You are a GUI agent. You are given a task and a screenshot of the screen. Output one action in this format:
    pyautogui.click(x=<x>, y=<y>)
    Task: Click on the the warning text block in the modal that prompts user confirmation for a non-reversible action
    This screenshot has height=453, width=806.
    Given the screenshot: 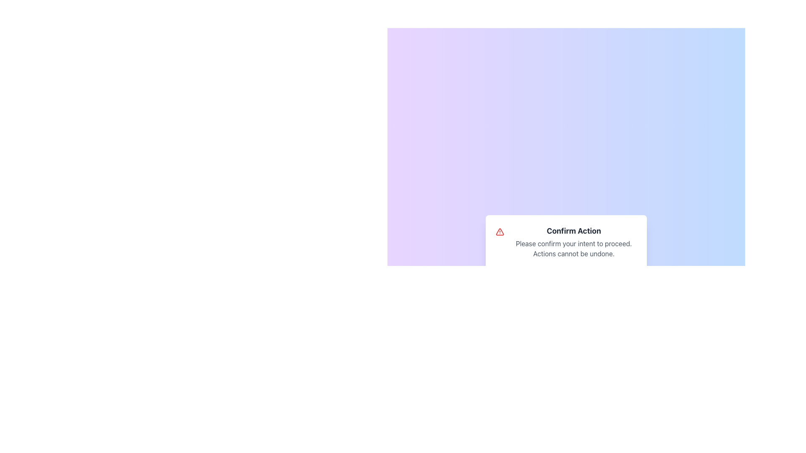 What is the action you would take?
    pyautogui.click(x=566, y=242)
    